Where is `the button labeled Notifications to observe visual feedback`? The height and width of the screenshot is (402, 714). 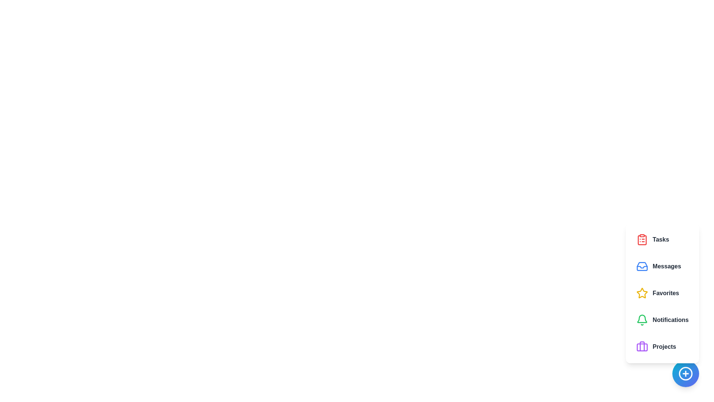
the button labeled Notifications to observe visual feedback is located at coordinates (662, 320).